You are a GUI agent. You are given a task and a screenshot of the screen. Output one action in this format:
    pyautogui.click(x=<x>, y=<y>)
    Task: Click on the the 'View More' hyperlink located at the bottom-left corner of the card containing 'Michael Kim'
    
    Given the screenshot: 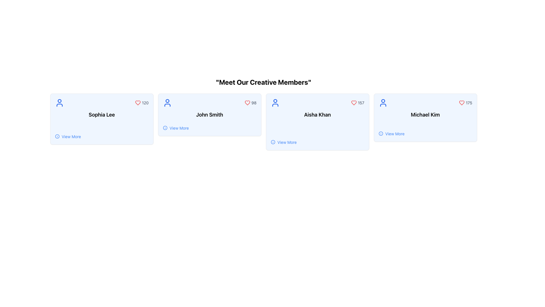 What is the action you would take?
    pyautogui.click(x=391, y=134)
    